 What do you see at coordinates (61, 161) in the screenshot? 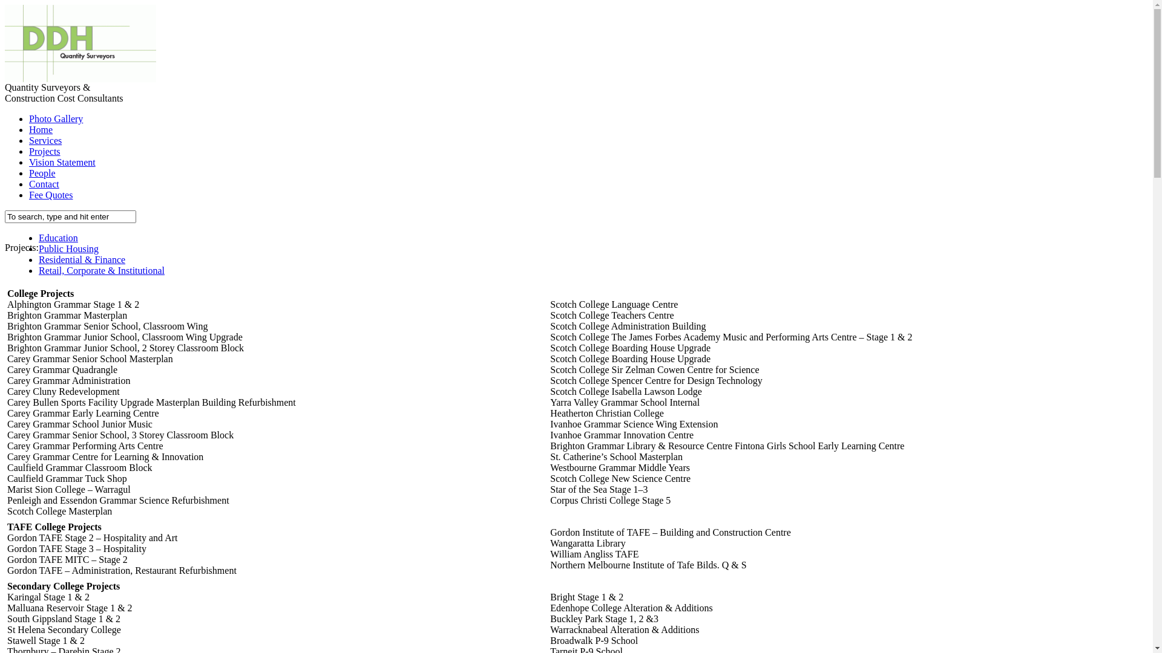
I see `'Vision Statement'` at bounding box center [61, 161].